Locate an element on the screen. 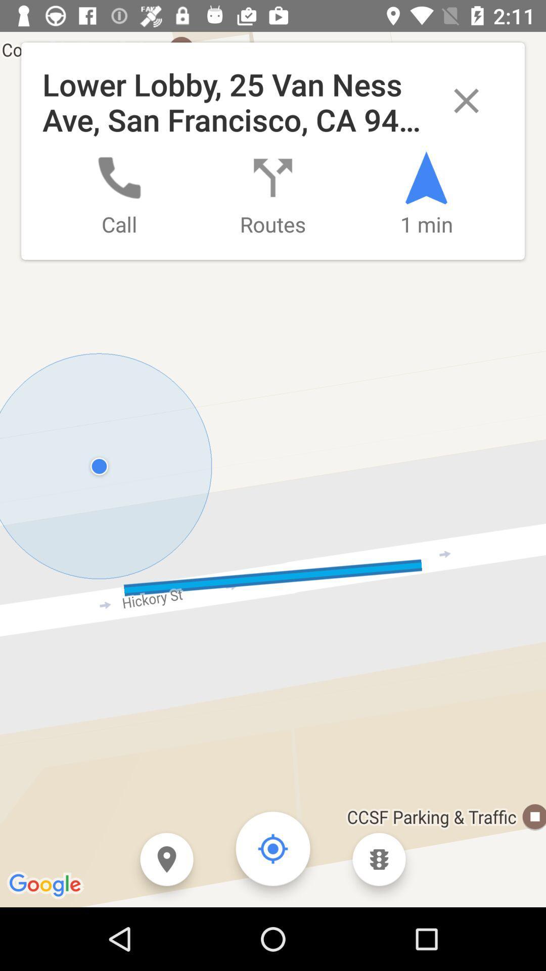  location is located at coordinates (166, 859).